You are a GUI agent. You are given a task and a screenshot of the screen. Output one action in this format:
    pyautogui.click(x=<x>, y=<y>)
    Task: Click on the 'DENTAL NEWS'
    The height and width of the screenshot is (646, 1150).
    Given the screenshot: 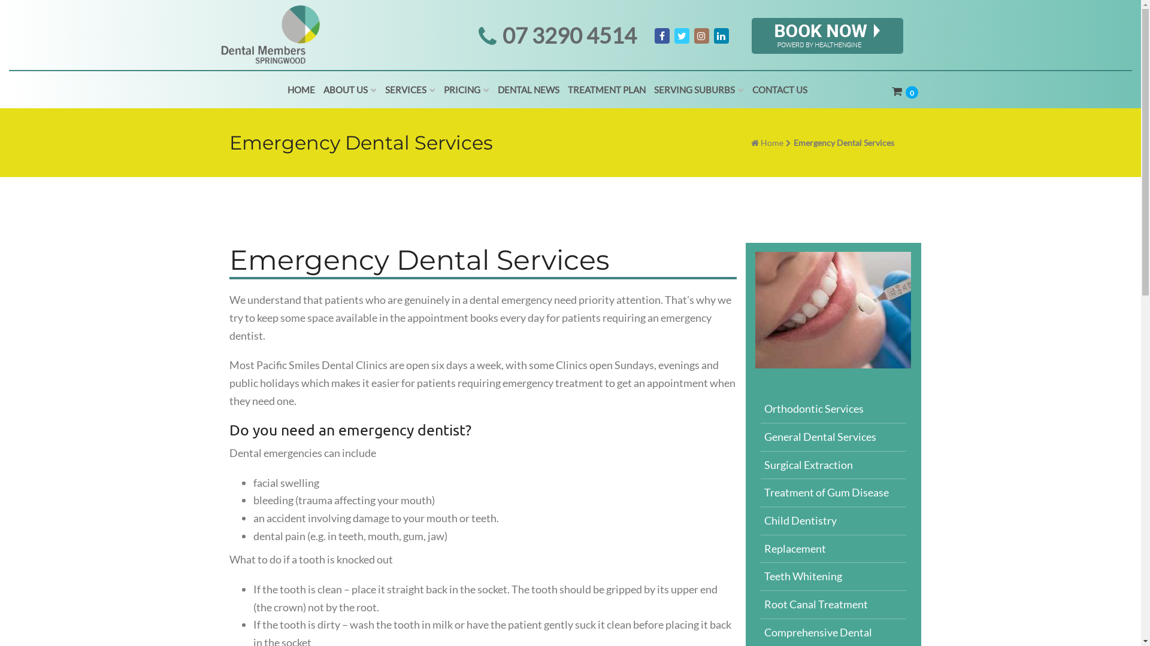 What is the action you would take?
    pyautogui.click(x=528, y=89)
    